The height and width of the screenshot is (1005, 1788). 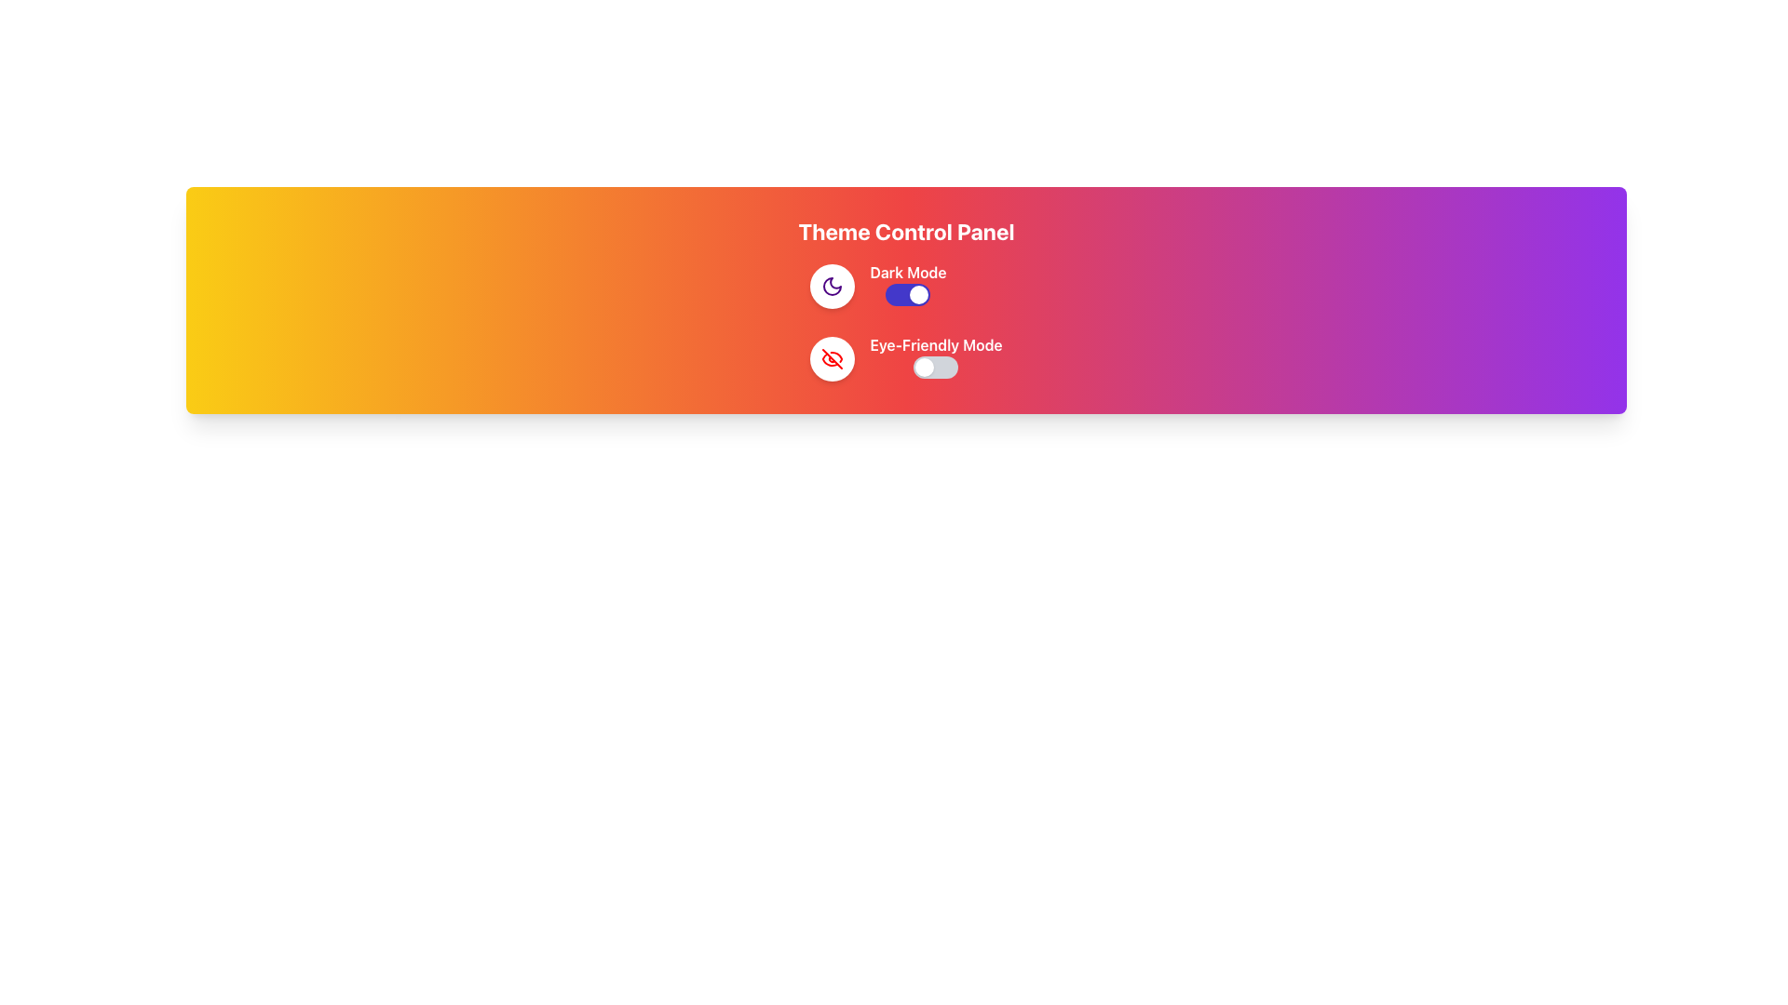 What do you see at coordinates (906, 322) in the screenshot?
I see `the toggle switch in the Grouped component for 'Dark Mode' or 'Eye-Friendly Mode'` at bounding box center [906, 322].